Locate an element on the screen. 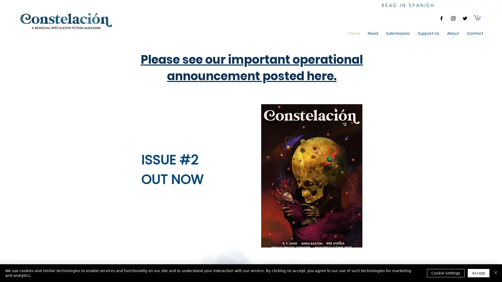 This screenshot has height=282, width=502. Accept is located at coordinates (478, 273).